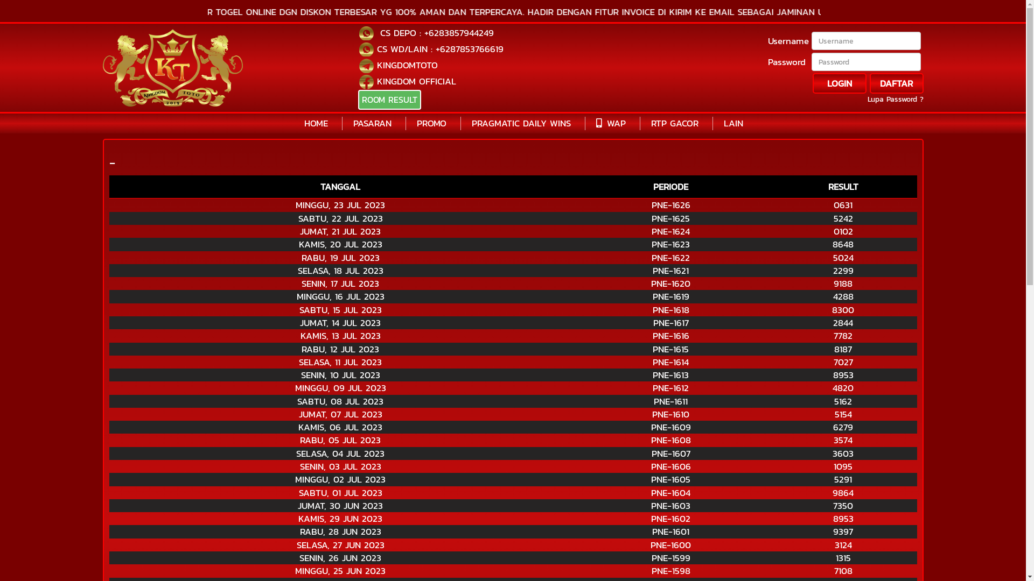 This screenshot has height=581, width=1034. What do you see at coordinates (407, 65) in the screenshot?
I see `'KINGDOMTOTO'` at bounding box center [407, 65].